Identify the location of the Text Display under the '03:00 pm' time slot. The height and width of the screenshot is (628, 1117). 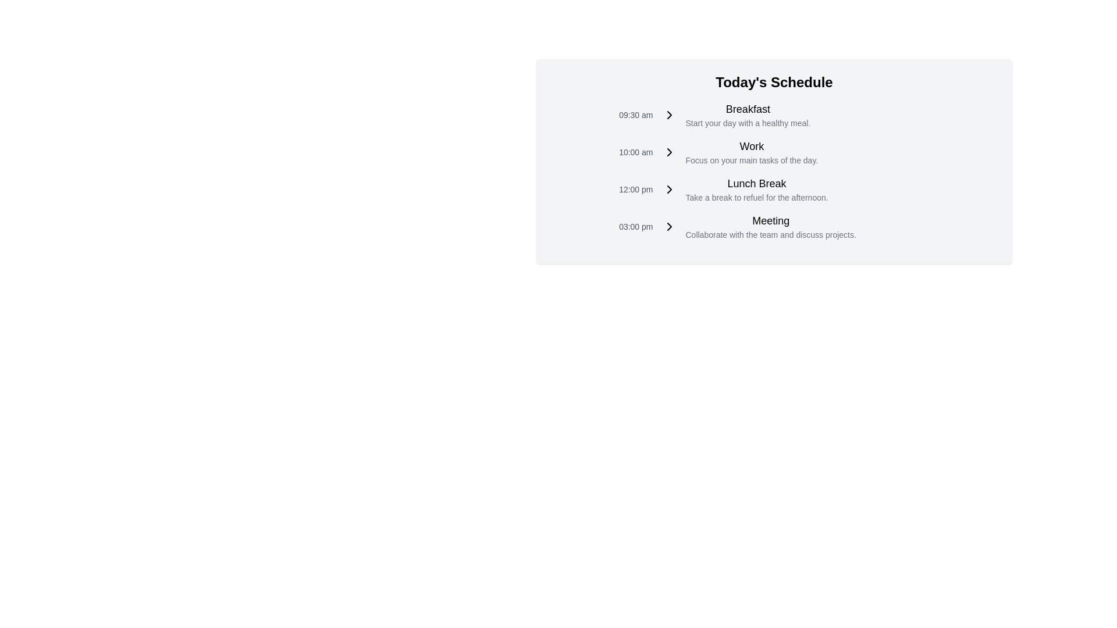
(766, 226).